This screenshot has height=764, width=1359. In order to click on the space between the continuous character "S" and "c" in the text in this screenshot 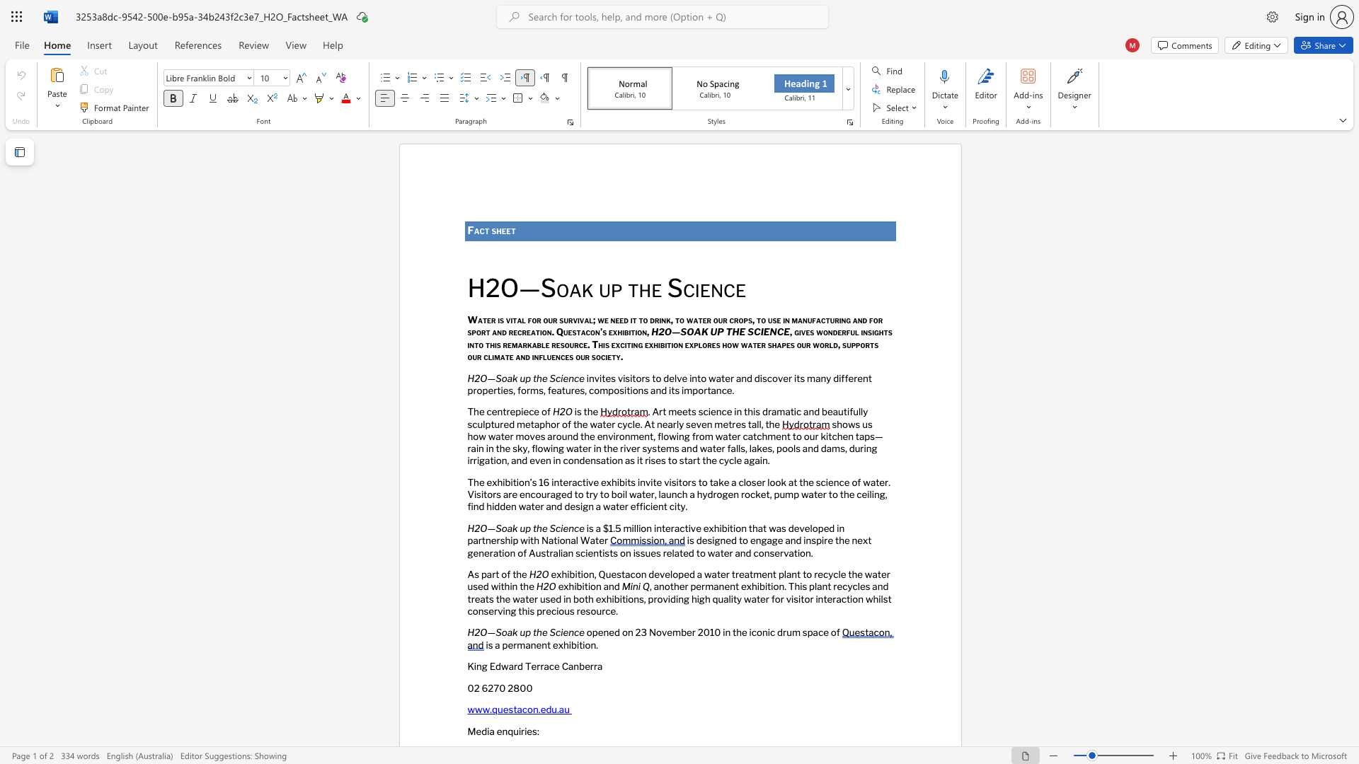, I will do `click(554, 377)`.